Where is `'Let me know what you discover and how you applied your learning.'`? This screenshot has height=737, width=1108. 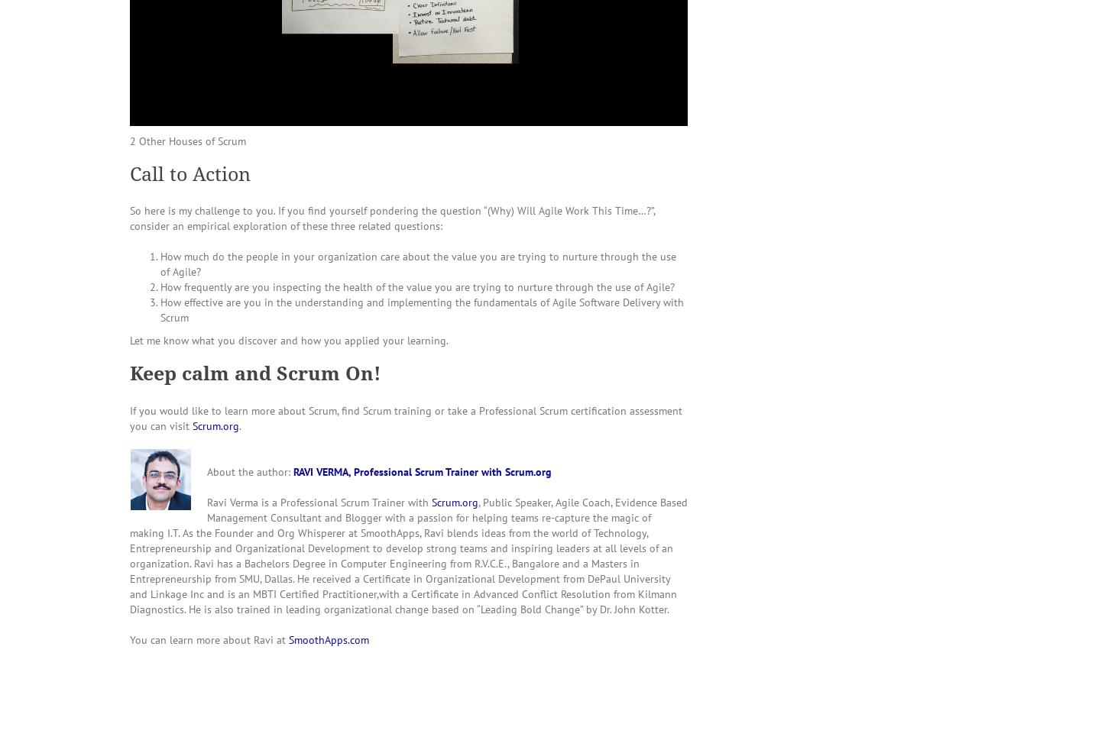 'Let me know what you discover and how you applied your learning.' is located at coordinates (288, 340).